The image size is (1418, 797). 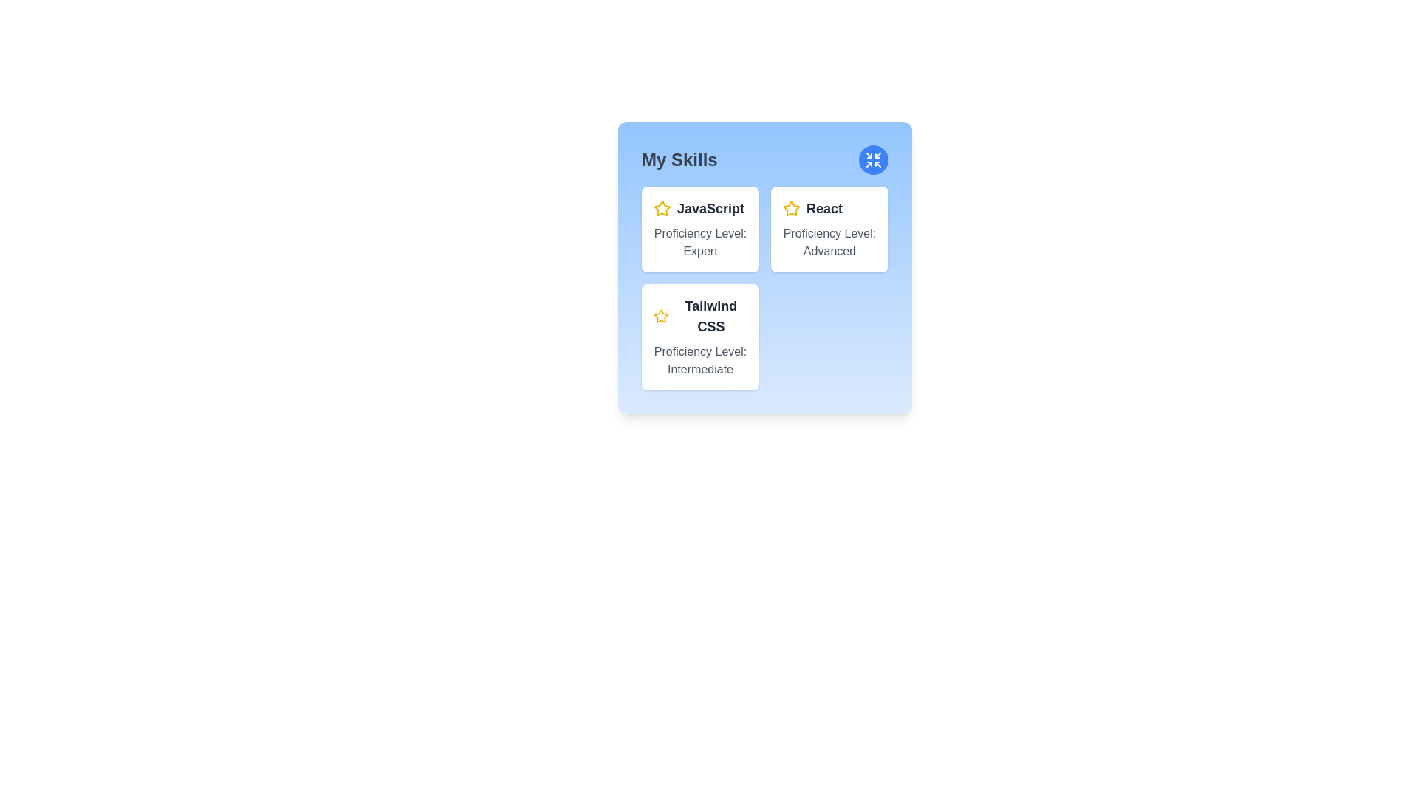 What do you see at coordinates (829, 241) in the screenshot?
I see `text description 'Proficiency Level: Advanced' located in the card below the title 'React' in the top-right card of the layout, which is displayed in a light gray font` at bounding box center [829, 241].